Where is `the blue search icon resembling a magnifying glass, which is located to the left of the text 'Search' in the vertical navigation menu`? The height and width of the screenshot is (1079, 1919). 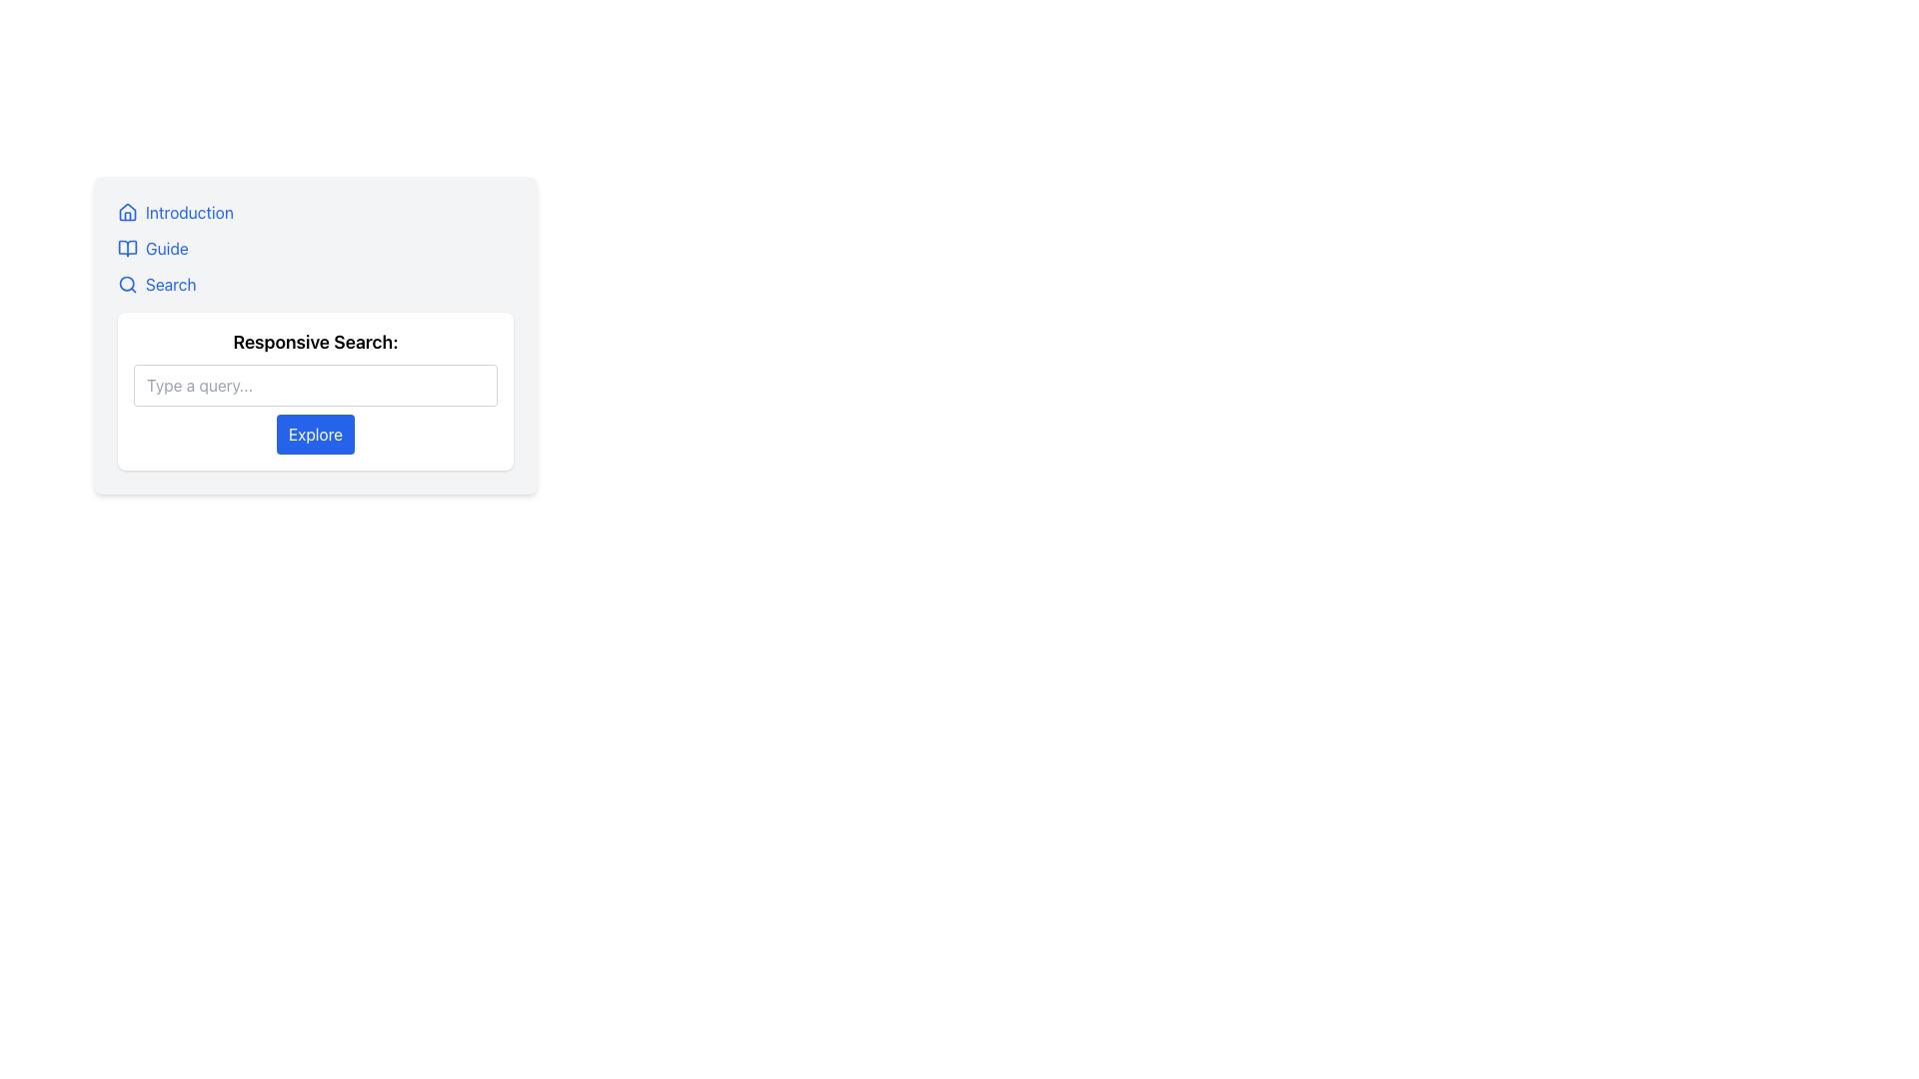
the blue search icon resembling a magnifying glass, which is located to the left of the text 'Search' in the vertical navigation menu is located at coordinates (127, 285).